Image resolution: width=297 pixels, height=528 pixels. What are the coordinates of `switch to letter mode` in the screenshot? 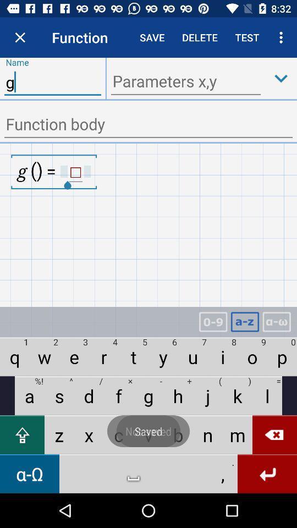 It's located at (245, 322).